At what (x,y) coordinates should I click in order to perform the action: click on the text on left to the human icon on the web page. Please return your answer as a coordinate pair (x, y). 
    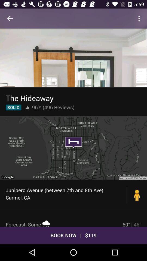
    Looking at the image, I should click on (66, 194).